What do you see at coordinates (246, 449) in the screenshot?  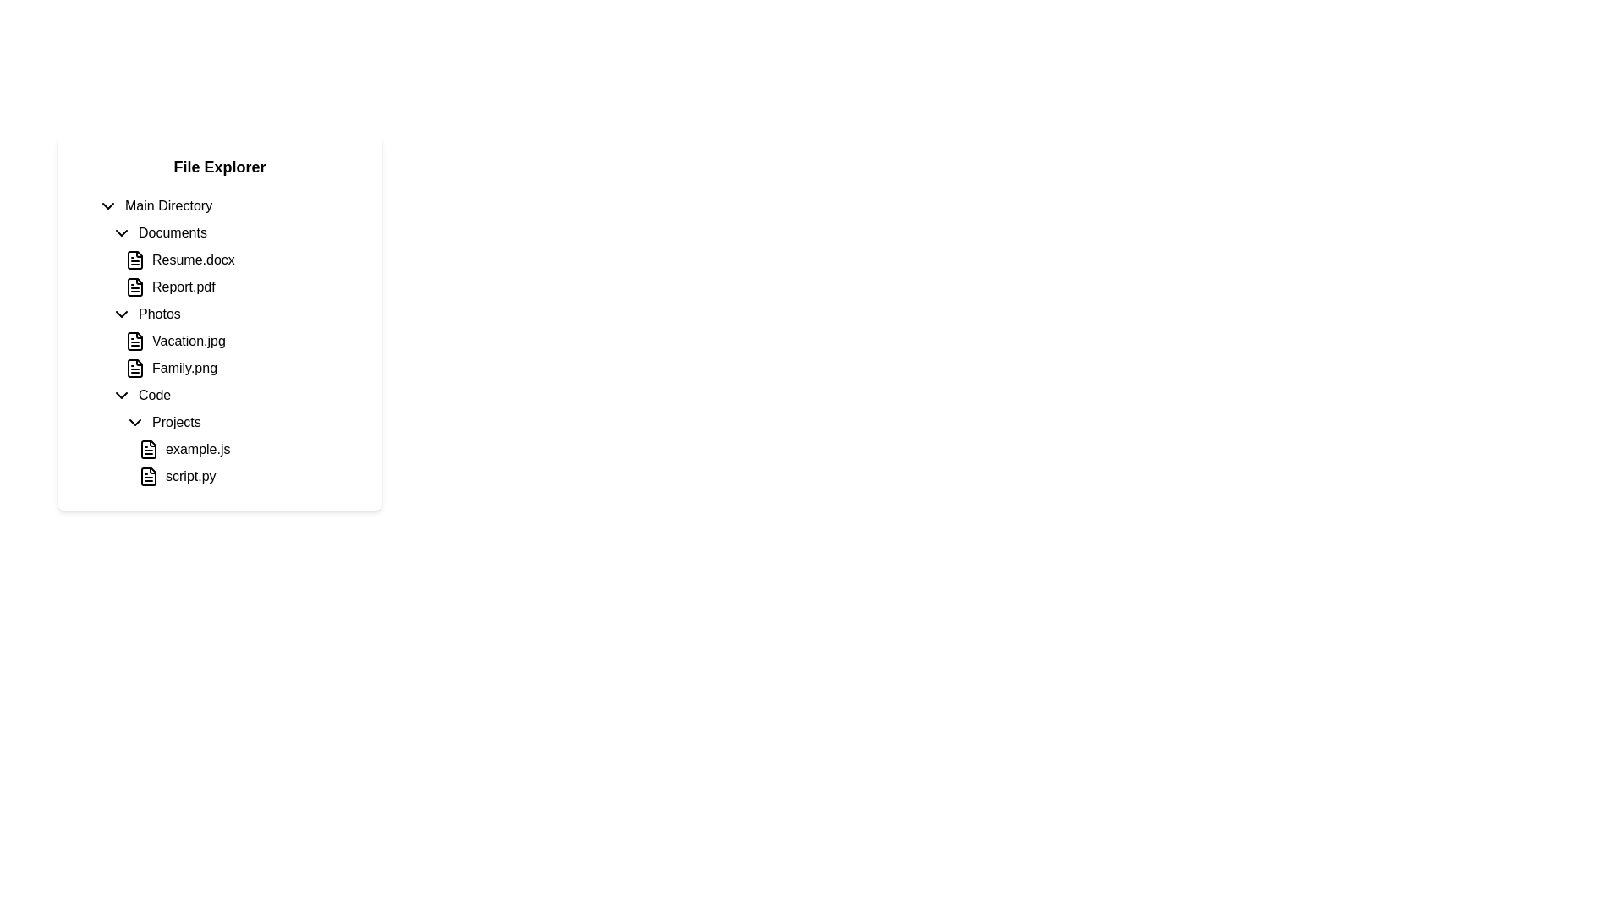 I see `the 'example.js' file entry in the file explorer` at bounding box center [246, 449].